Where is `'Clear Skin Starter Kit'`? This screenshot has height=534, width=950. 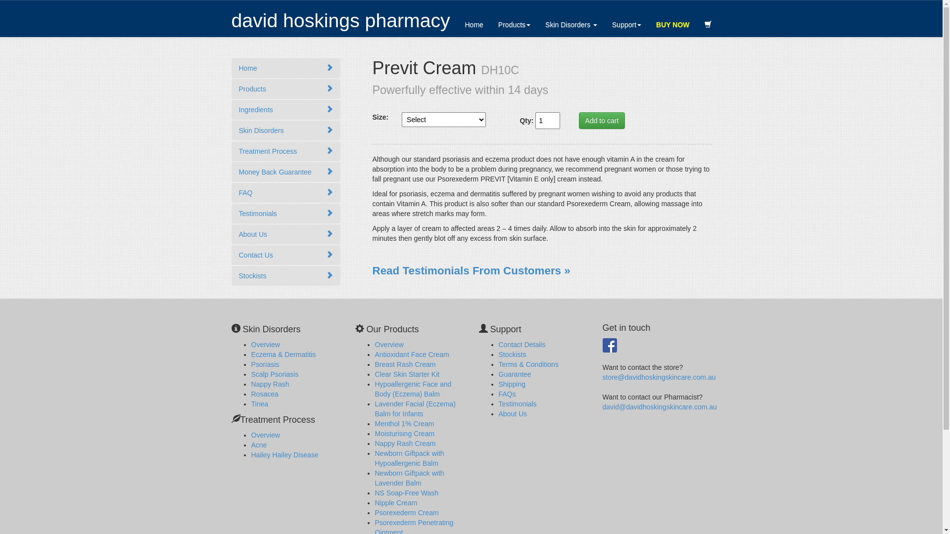 'Clear Skin Starter Kit' is located at coordinates (407, 374).